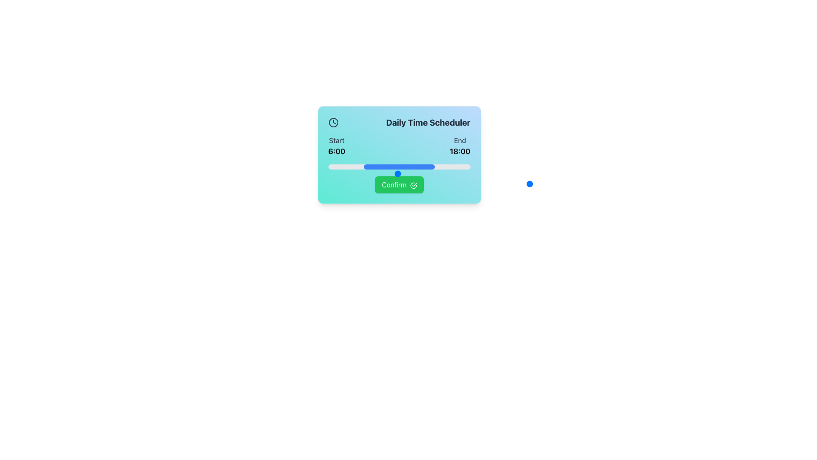  What do you see at coordinates (339, 184) in the screenshot?
I see `time` at bounding box center [339, 184].